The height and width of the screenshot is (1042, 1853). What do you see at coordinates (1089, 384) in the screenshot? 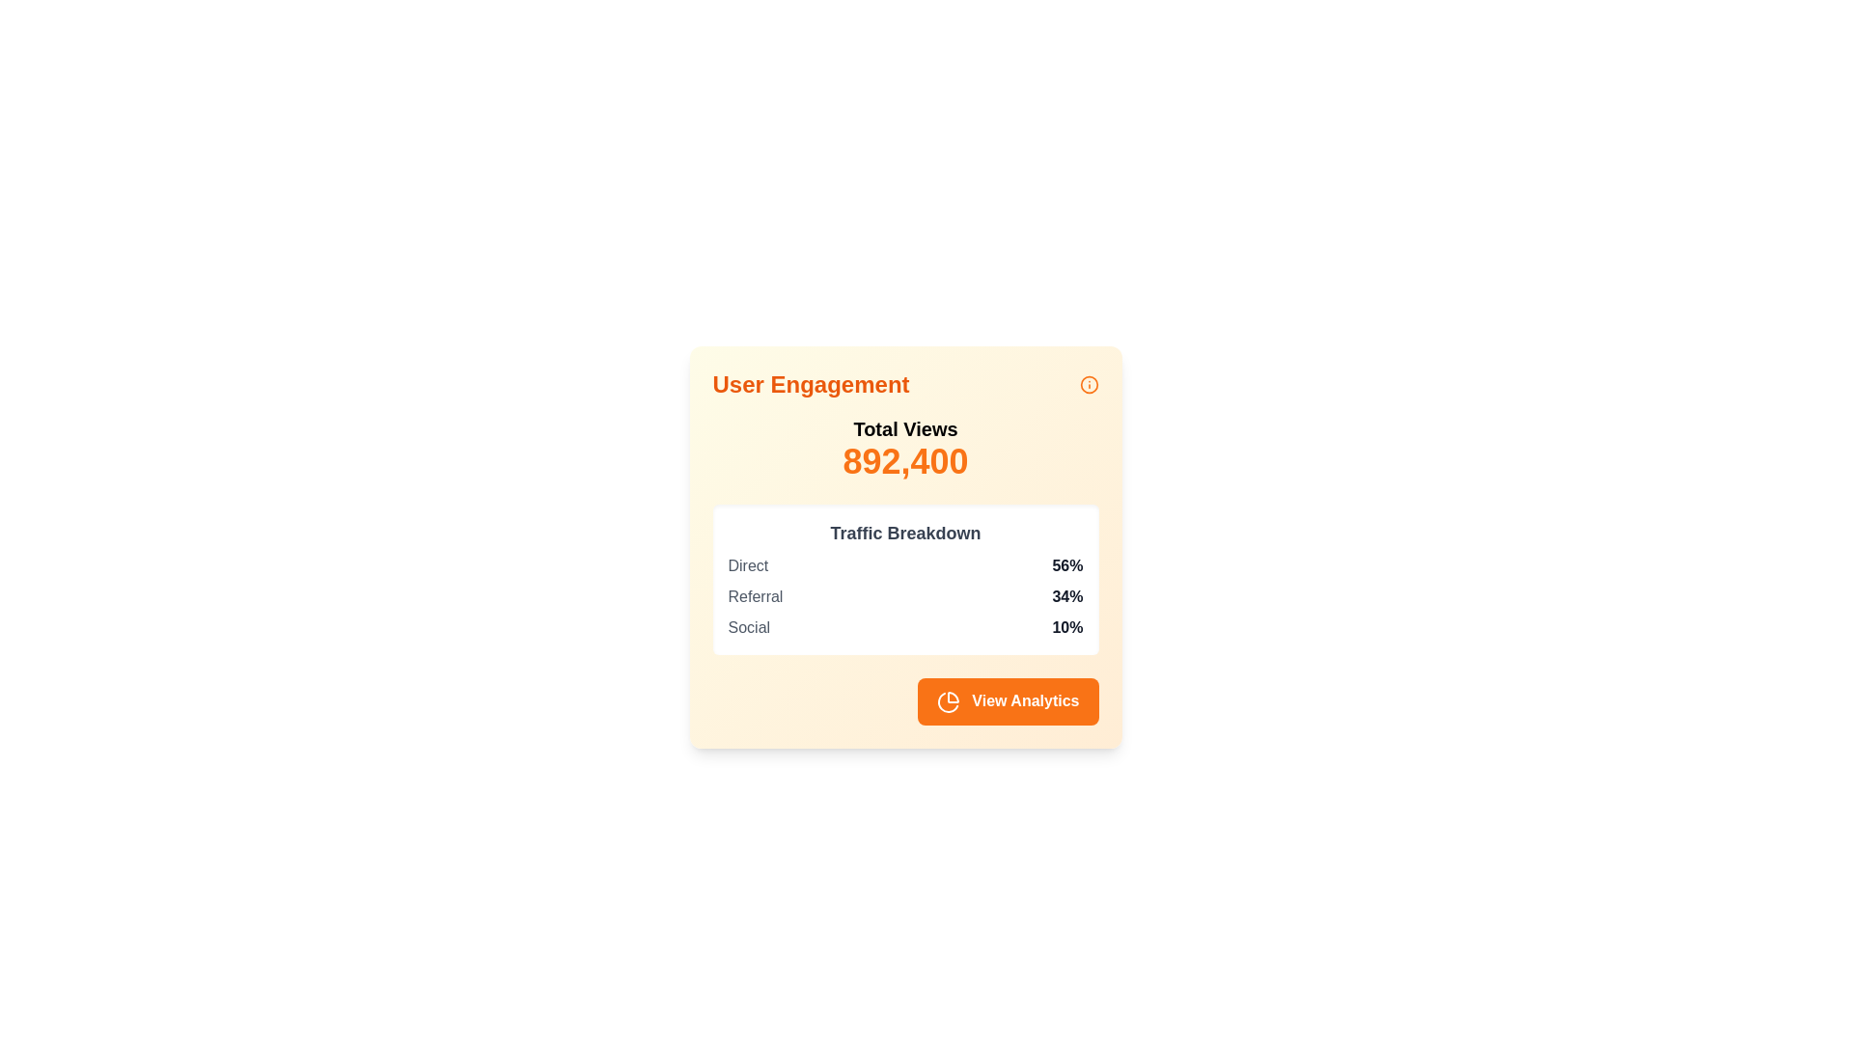
I see `the circular orange icon with an 'i' symbol, located in the top-right of the 'User Engagement' panel` at bounding box center [1089, 384].